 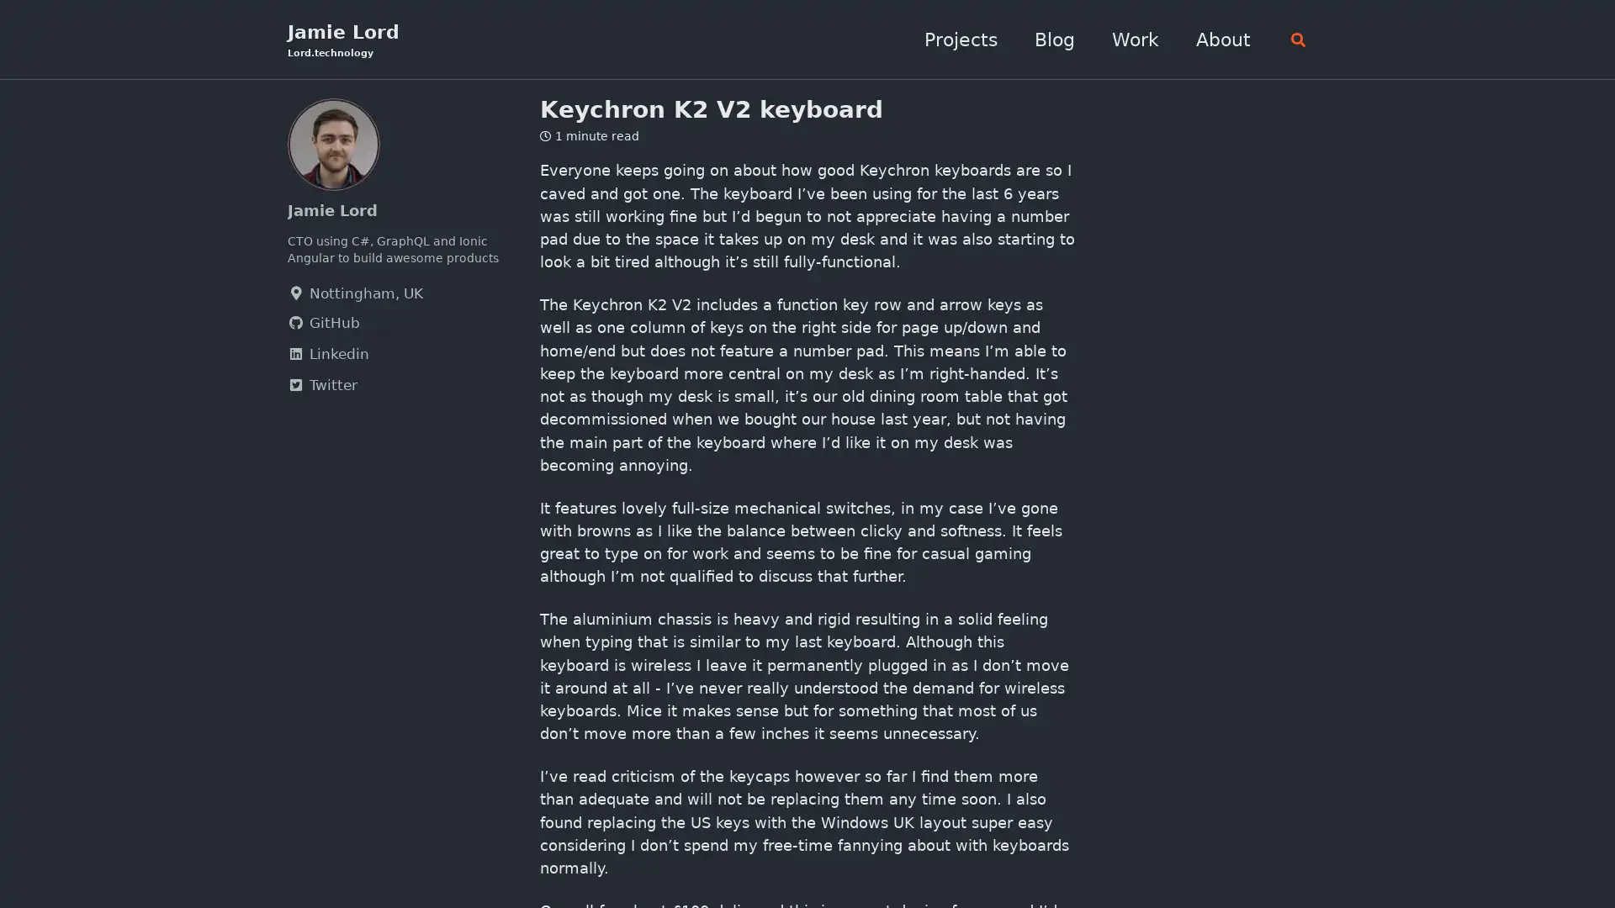 I want to click on Toggle search, so click(x=1294, y=39).